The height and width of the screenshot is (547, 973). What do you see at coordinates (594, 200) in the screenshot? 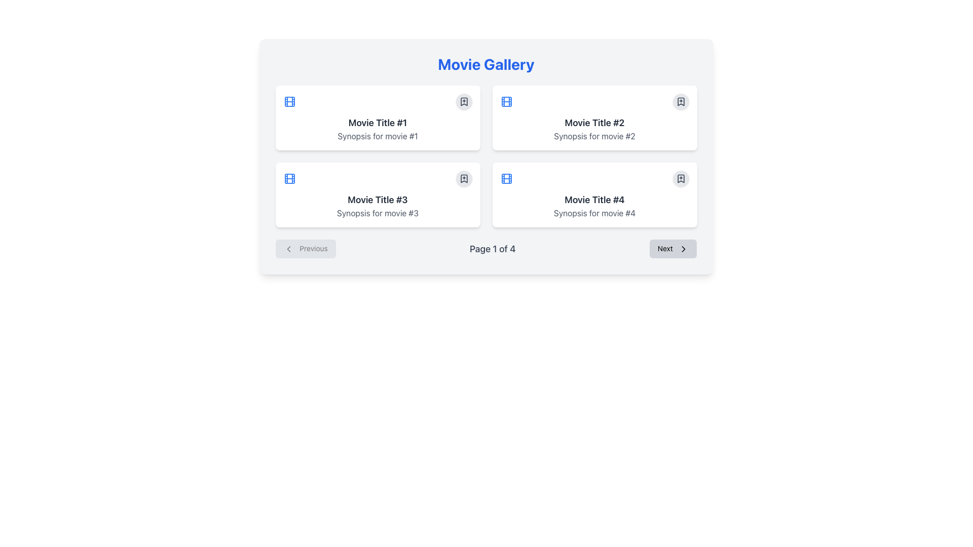
I see `text label that serves as the title of the movie located in the lower-right card of the grid layout, positioned above the synopsis text` at bounding box center [594, 200].